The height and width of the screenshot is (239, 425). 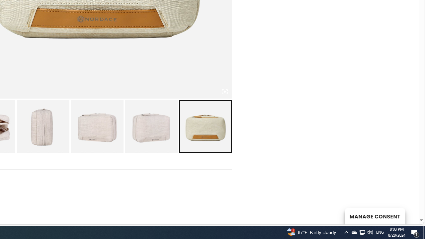 I want to click on 'MANAGE CONSENT', so click(x=375, y=216).